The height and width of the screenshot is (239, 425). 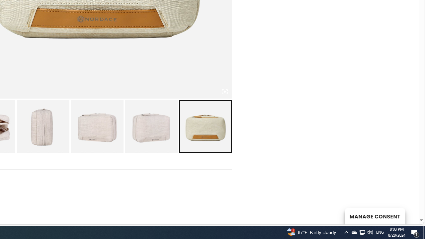 I want to click on 'MANAGE CONSENT', so click(x=375, y=216).